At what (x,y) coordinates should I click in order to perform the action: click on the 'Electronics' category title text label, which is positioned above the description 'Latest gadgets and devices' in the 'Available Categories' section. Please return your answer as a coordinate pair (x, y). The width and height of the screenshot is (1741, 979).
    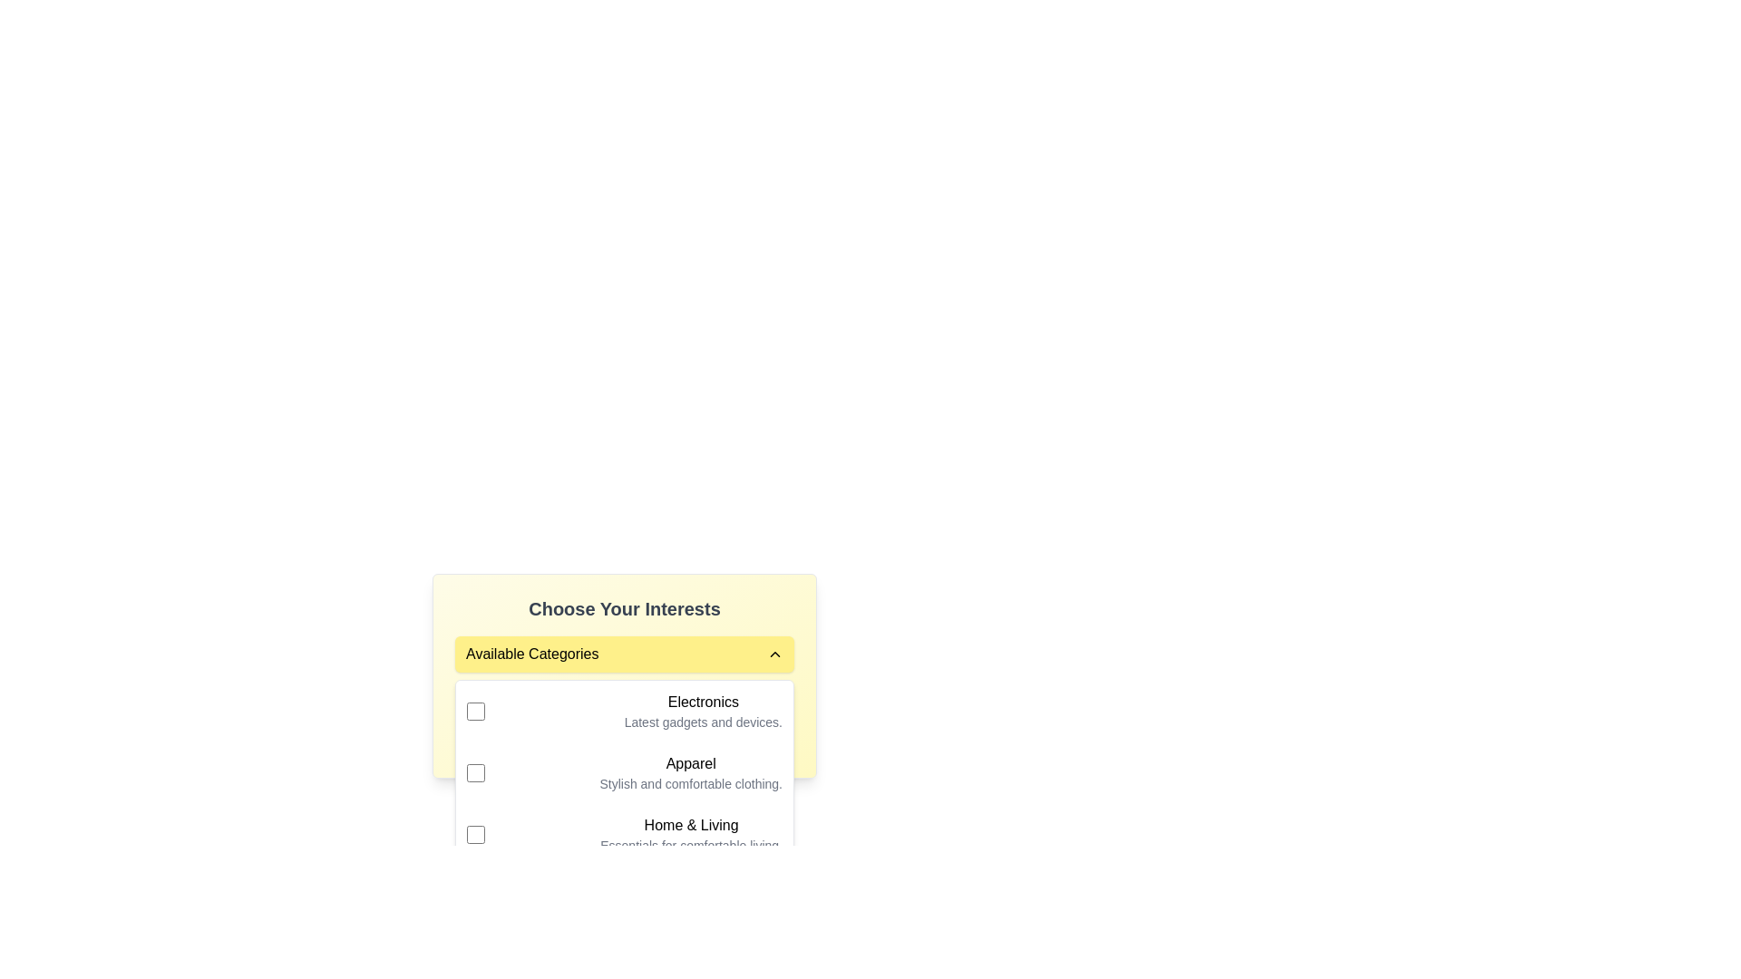
    Looking at the image, I should click on (702, 702).